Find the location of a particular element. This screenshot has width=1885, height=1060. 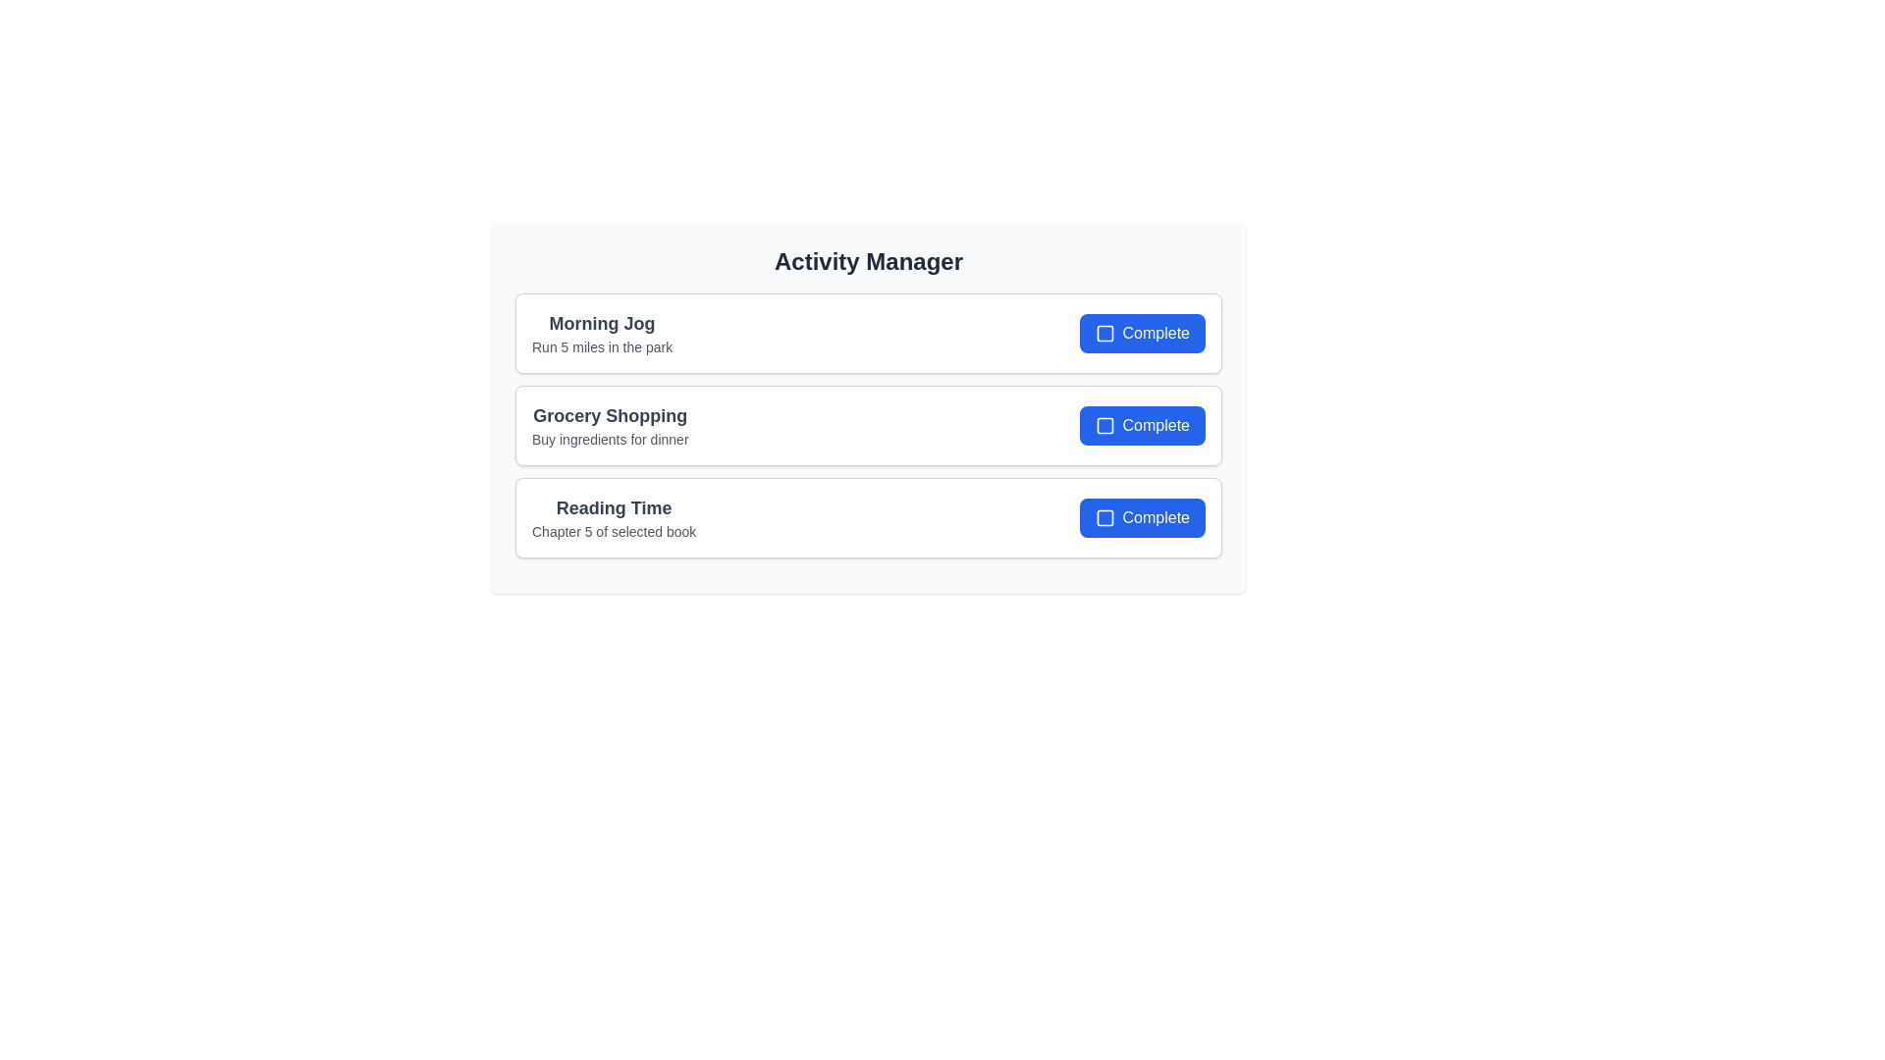

the descriptive text element for the activity 'Morning Jog', which is located below the title in the first row of the activity list is located at coordinates (601, 346).